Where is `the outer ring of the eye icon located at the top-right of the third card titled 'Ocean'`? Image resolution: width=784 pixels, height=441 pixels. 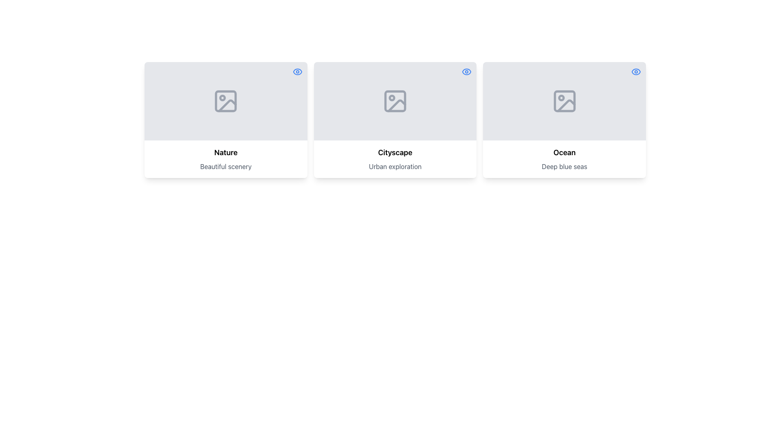
the outer ring of the eye icon located at the top-right of the third card titled 'Ocean' is located at coordinates (635, 71).